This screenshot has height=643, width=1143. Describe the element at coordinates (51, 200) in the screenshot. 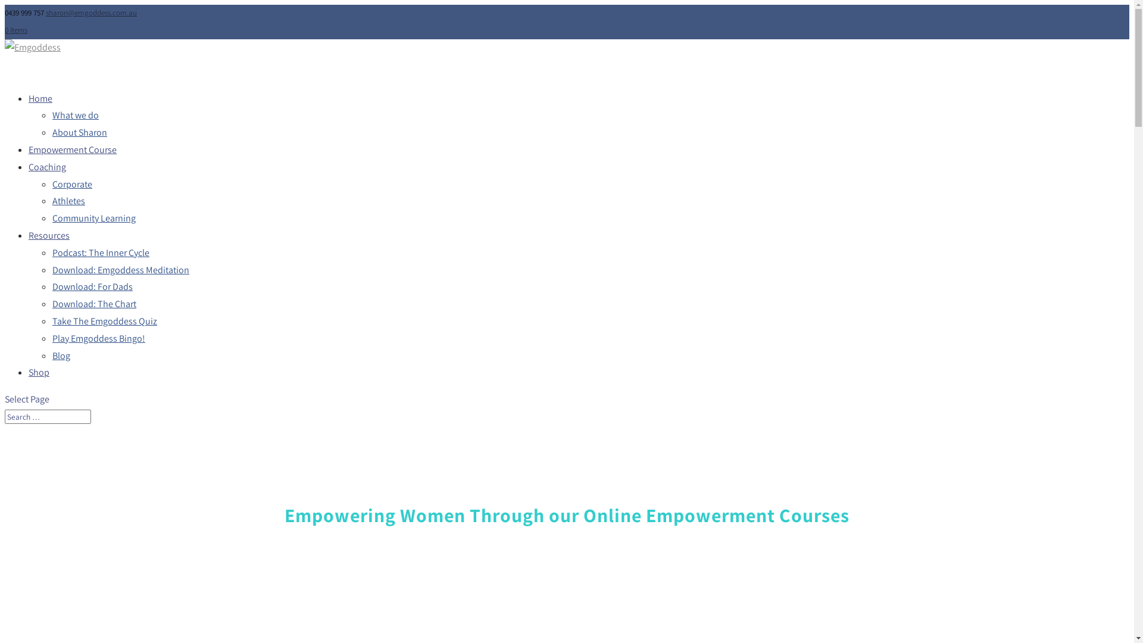

I see `'Athletes'` at that location.